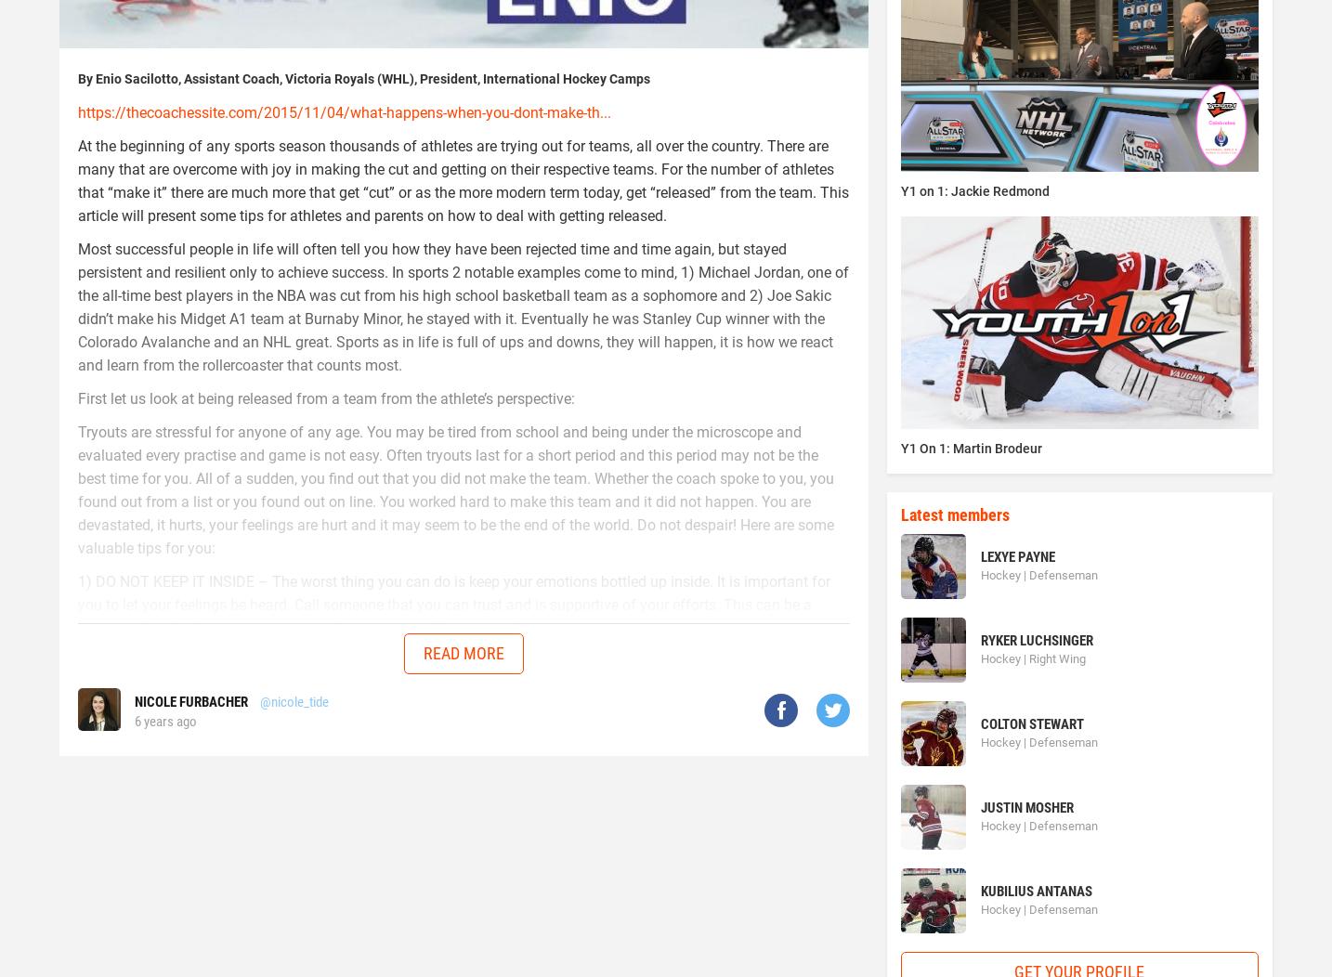 This screenshot has height=977, width=1332. Describe the element at coordinates (1031, 723) in the screenshot. I see `'Colton Stewart'` at that location.